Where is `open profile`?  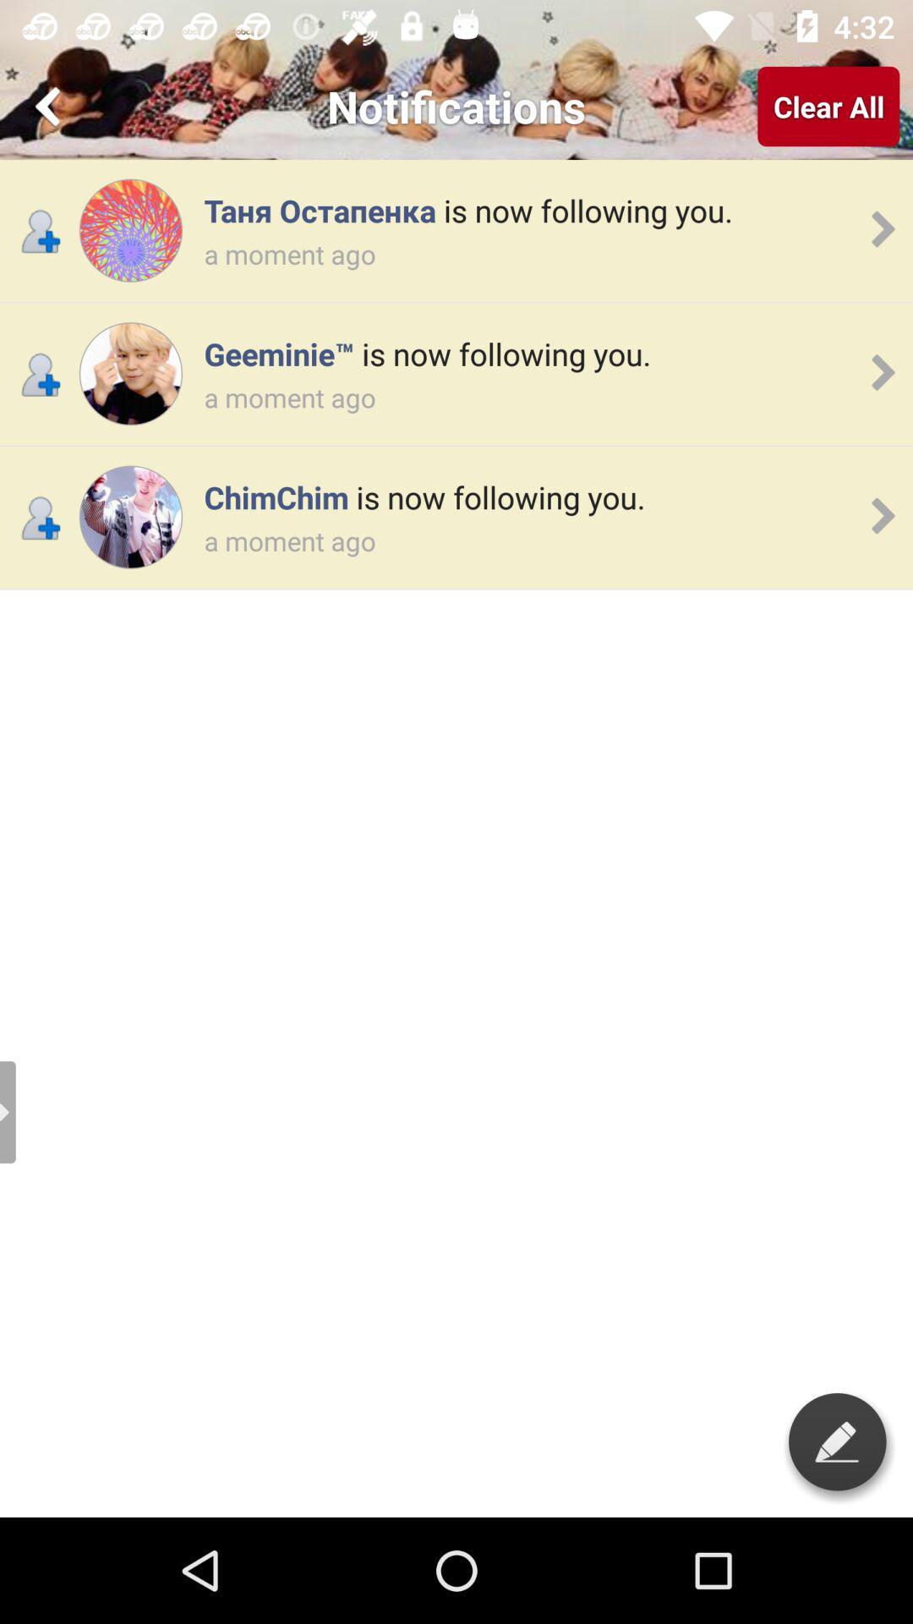 open profile is located at coordinates (129, 229).